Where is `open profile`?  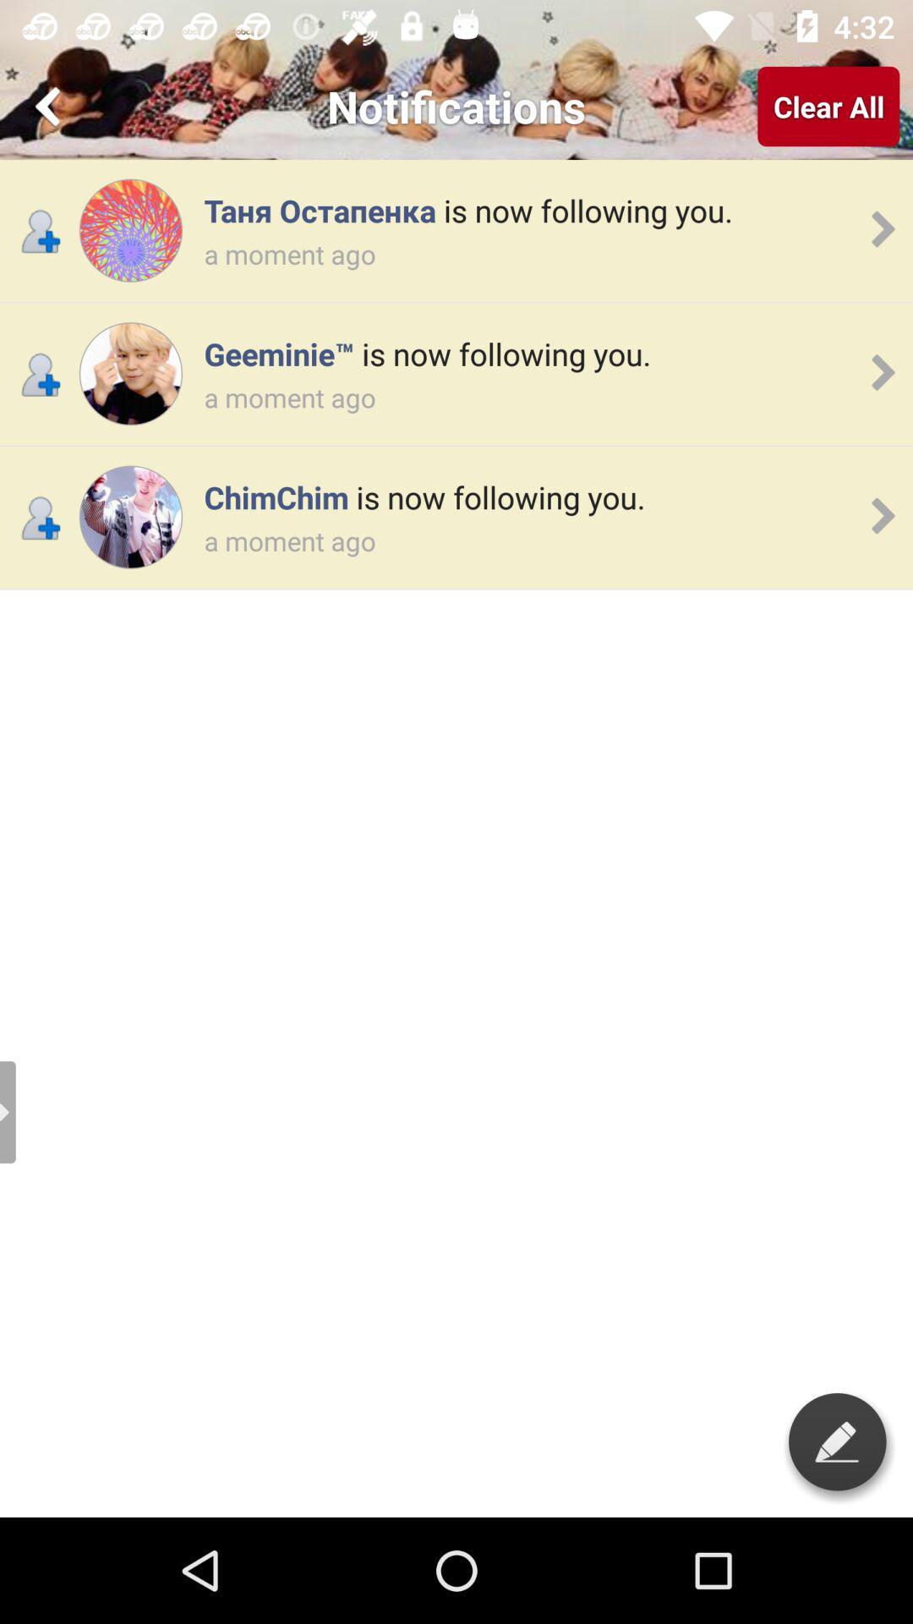 open profile is located at coordinates (129, 229).